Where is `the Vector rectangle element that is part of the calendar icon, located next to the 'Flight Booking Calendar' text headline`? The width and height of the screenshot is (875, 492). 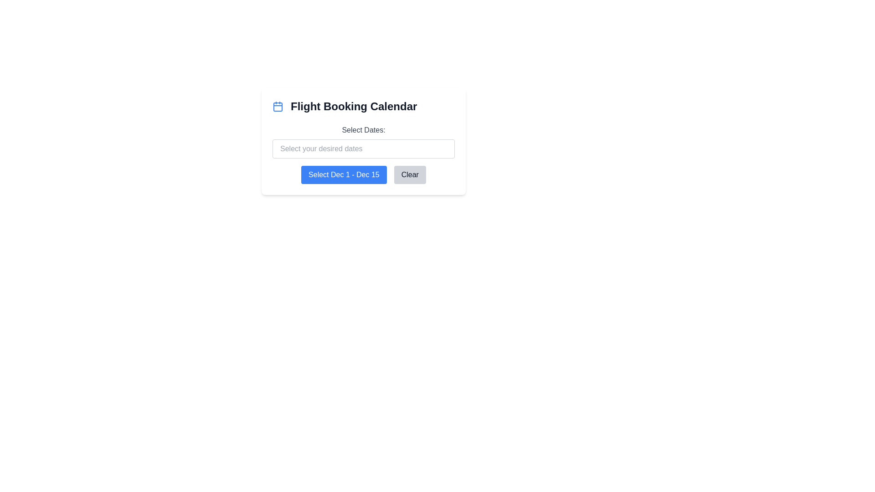 the Vector rectangle element that is part of the calendar icon, located next to the 'Flight Booking Calendar' text headline is located at coordinates (277, 107).